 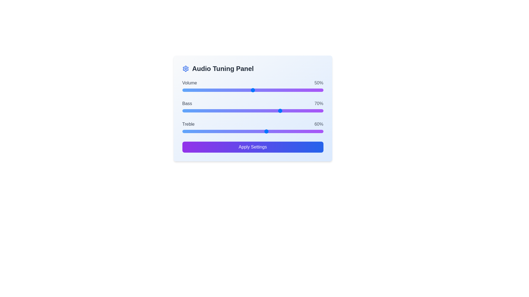 I want to click on the volume slider, so click(x=193, y=90).